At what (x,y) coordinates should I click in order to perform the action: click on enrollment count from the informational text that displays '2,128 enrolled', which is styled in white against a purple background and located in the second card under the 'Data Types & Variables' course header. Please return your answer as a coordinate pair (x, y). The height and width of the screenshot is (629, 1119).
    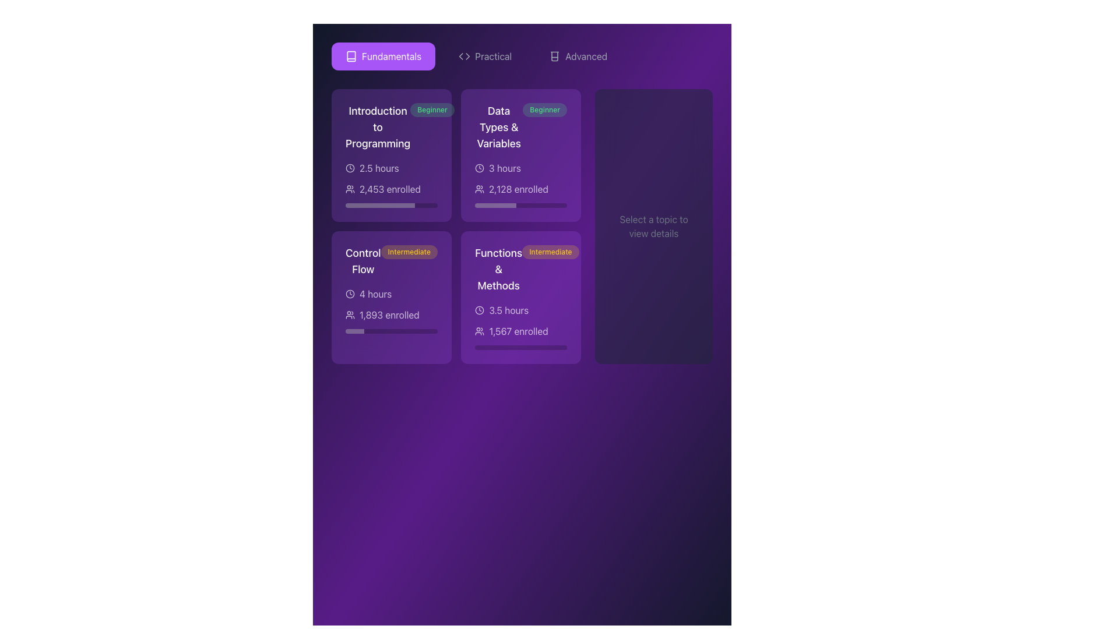
    Looking at the image, I should click on (518, 188).